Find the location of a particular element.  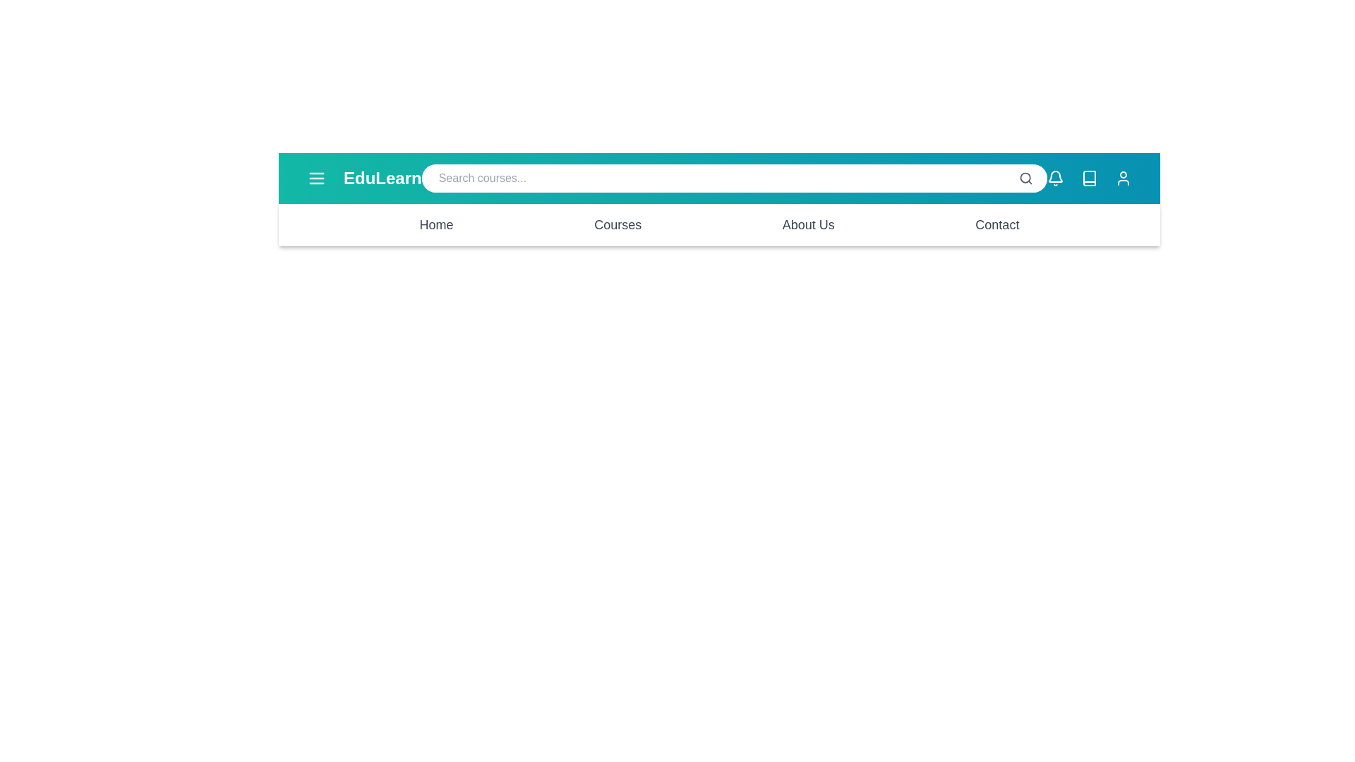

the 'Courses' menu item to navigate to the 'Courses' section is located at coordinates (618, 224).